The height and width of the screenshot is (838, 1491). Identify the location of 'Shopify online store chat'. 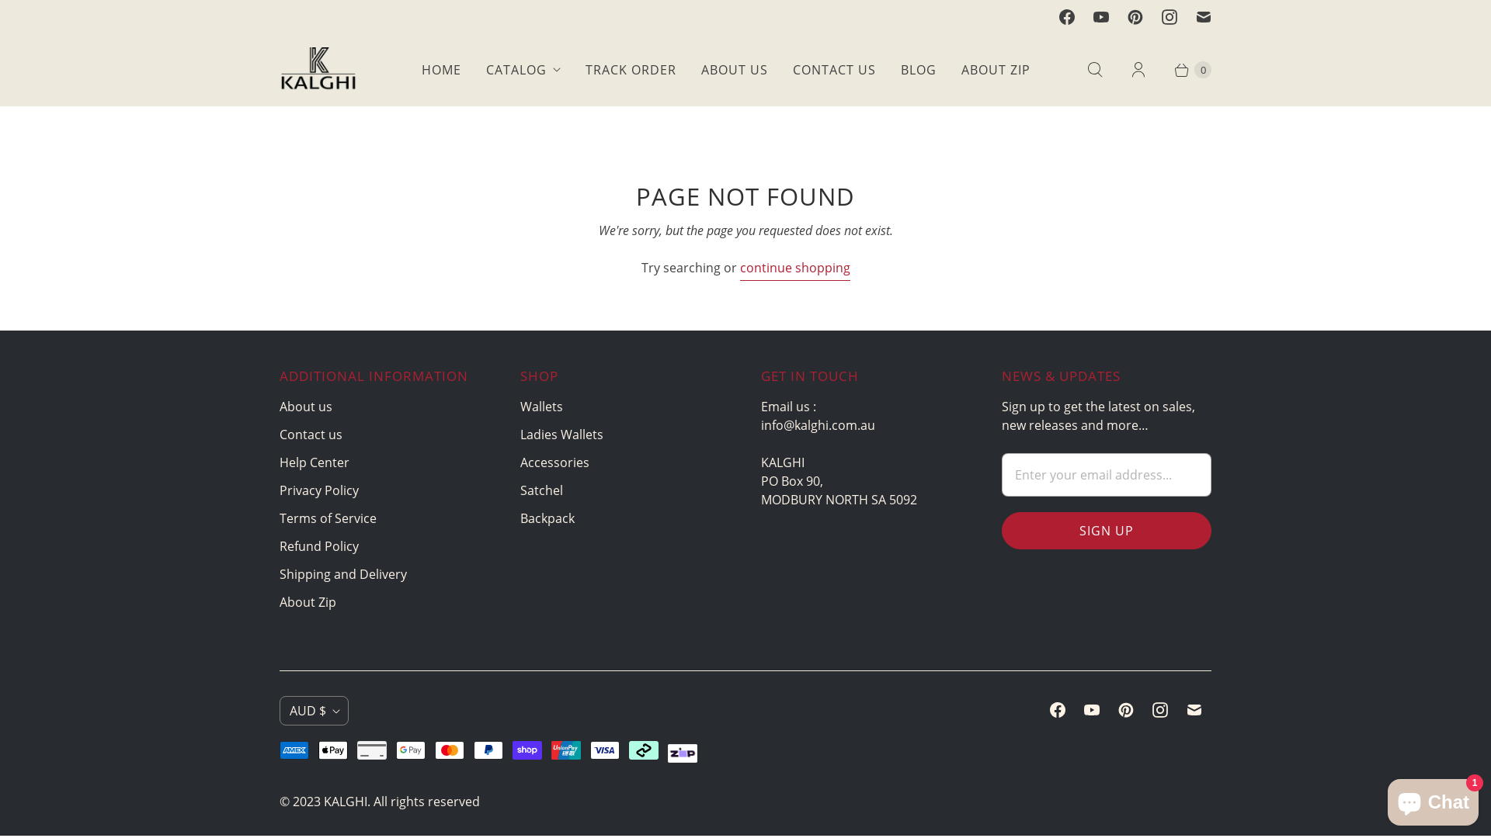
(1432, 798).